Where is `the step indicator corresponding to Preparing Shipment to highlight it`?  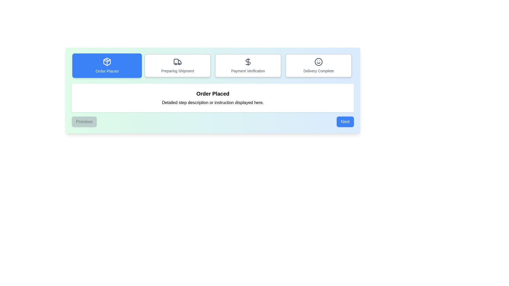
the step indicator corresponding to Preparing Shipment to highlight it is located at coordinates (178, 65).